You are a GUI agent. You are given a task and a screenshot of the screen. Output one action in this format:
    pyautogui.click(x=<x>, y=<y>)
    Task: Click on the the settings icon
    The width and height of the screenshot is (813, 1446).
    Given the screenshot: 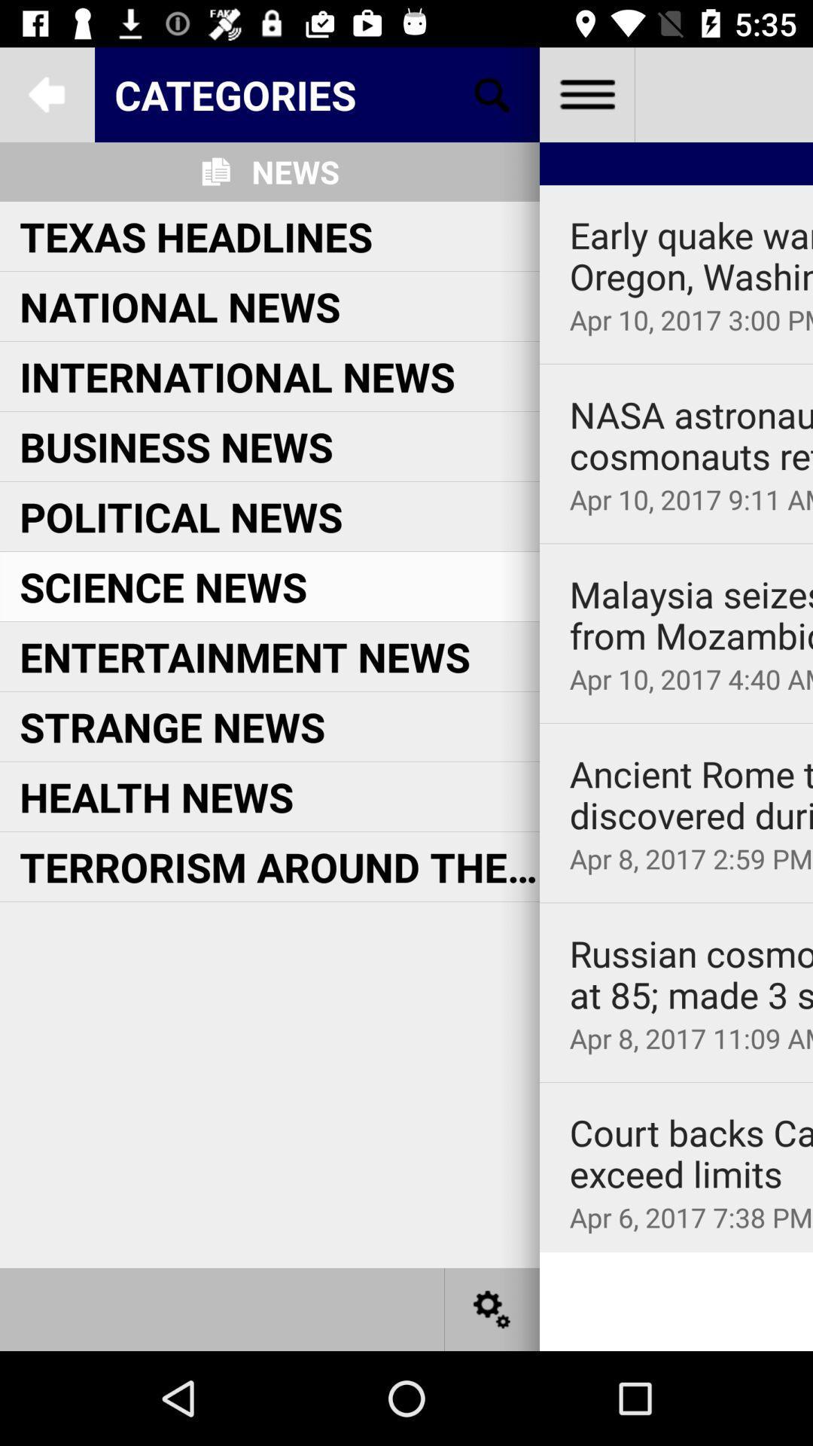 What is the action you would take?
    pyautogui.click(x=492, y=1308)
    